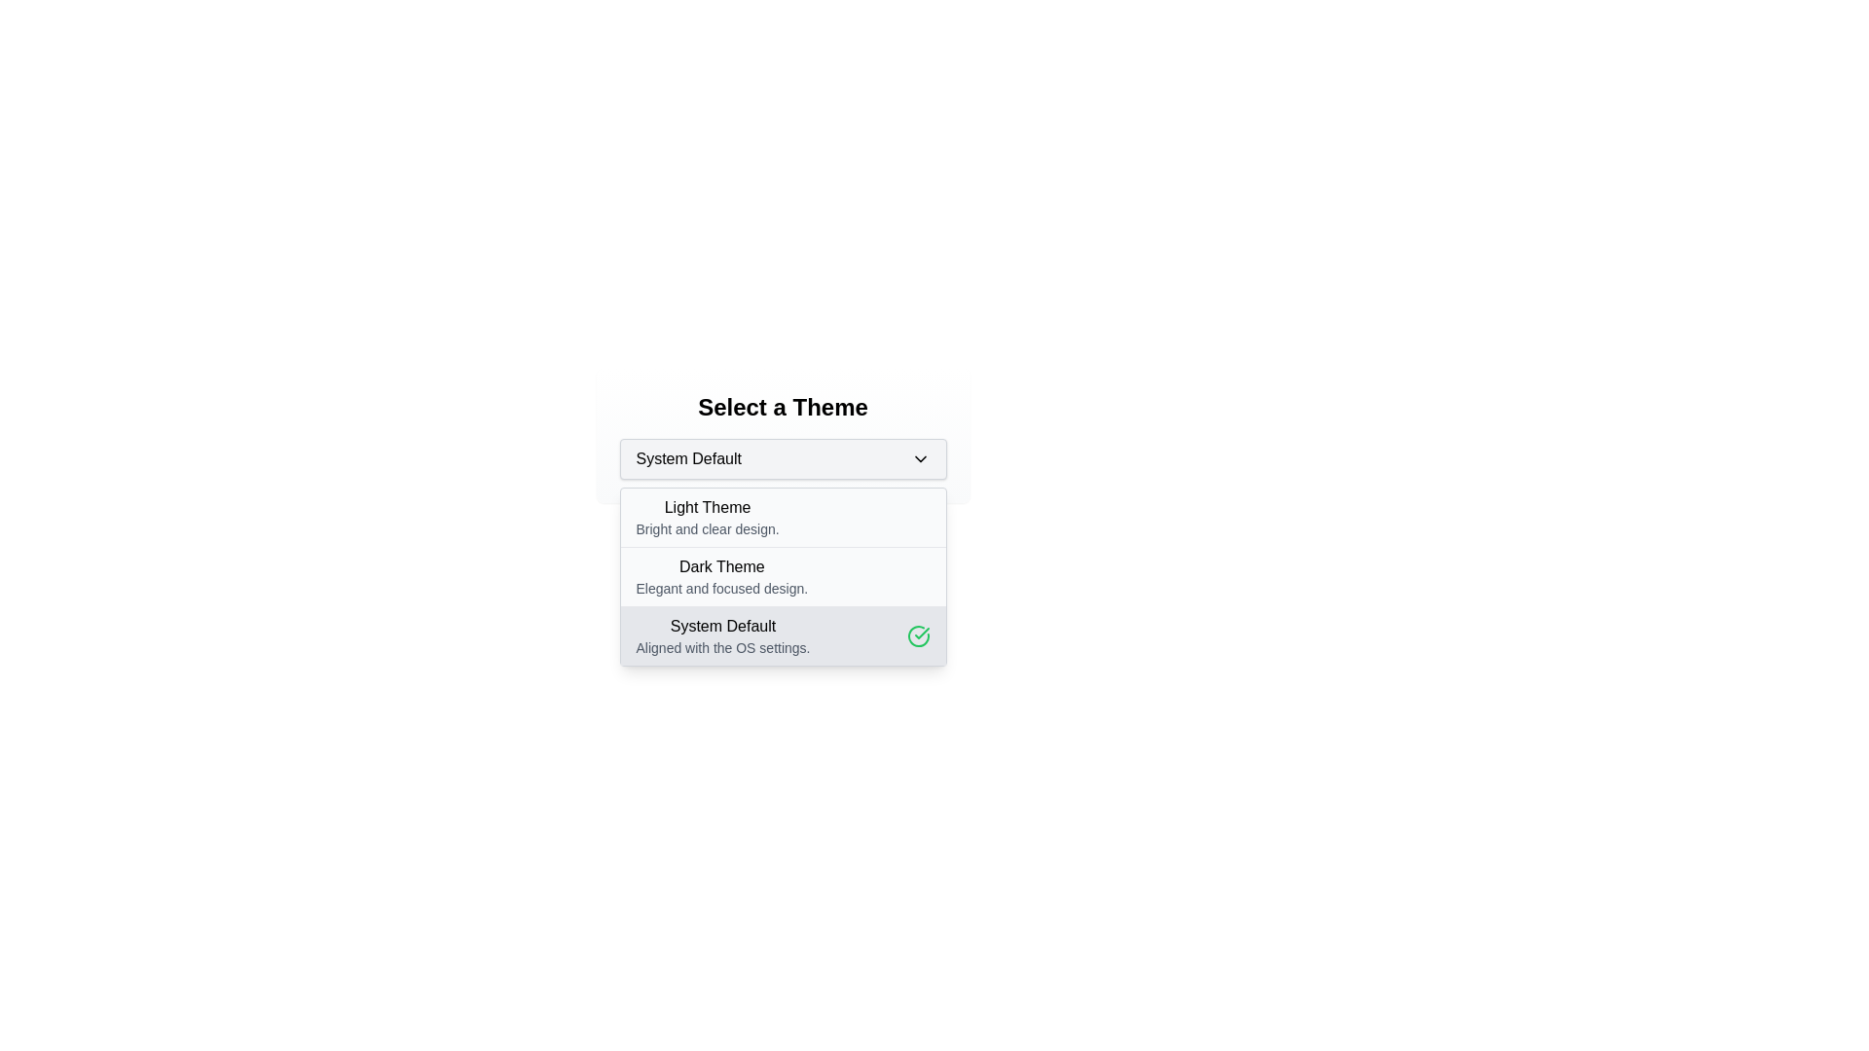  What do you see at coordinates (722, 648) in the screenshot?
I see `the text label providing supplemental information about the 'System Default' option located below the 'System Default' label in the dropdown menu under the 'Select a Theme' panel` at bounding box center [722, 648].